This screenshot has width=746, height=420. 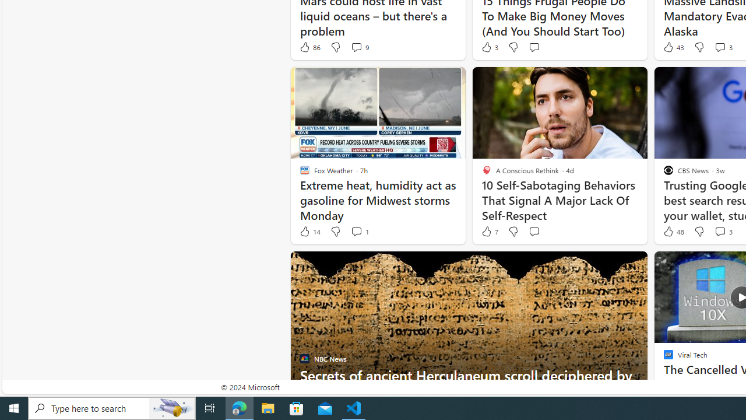 I want to click on '48 Like', so click(x=673, y=232).